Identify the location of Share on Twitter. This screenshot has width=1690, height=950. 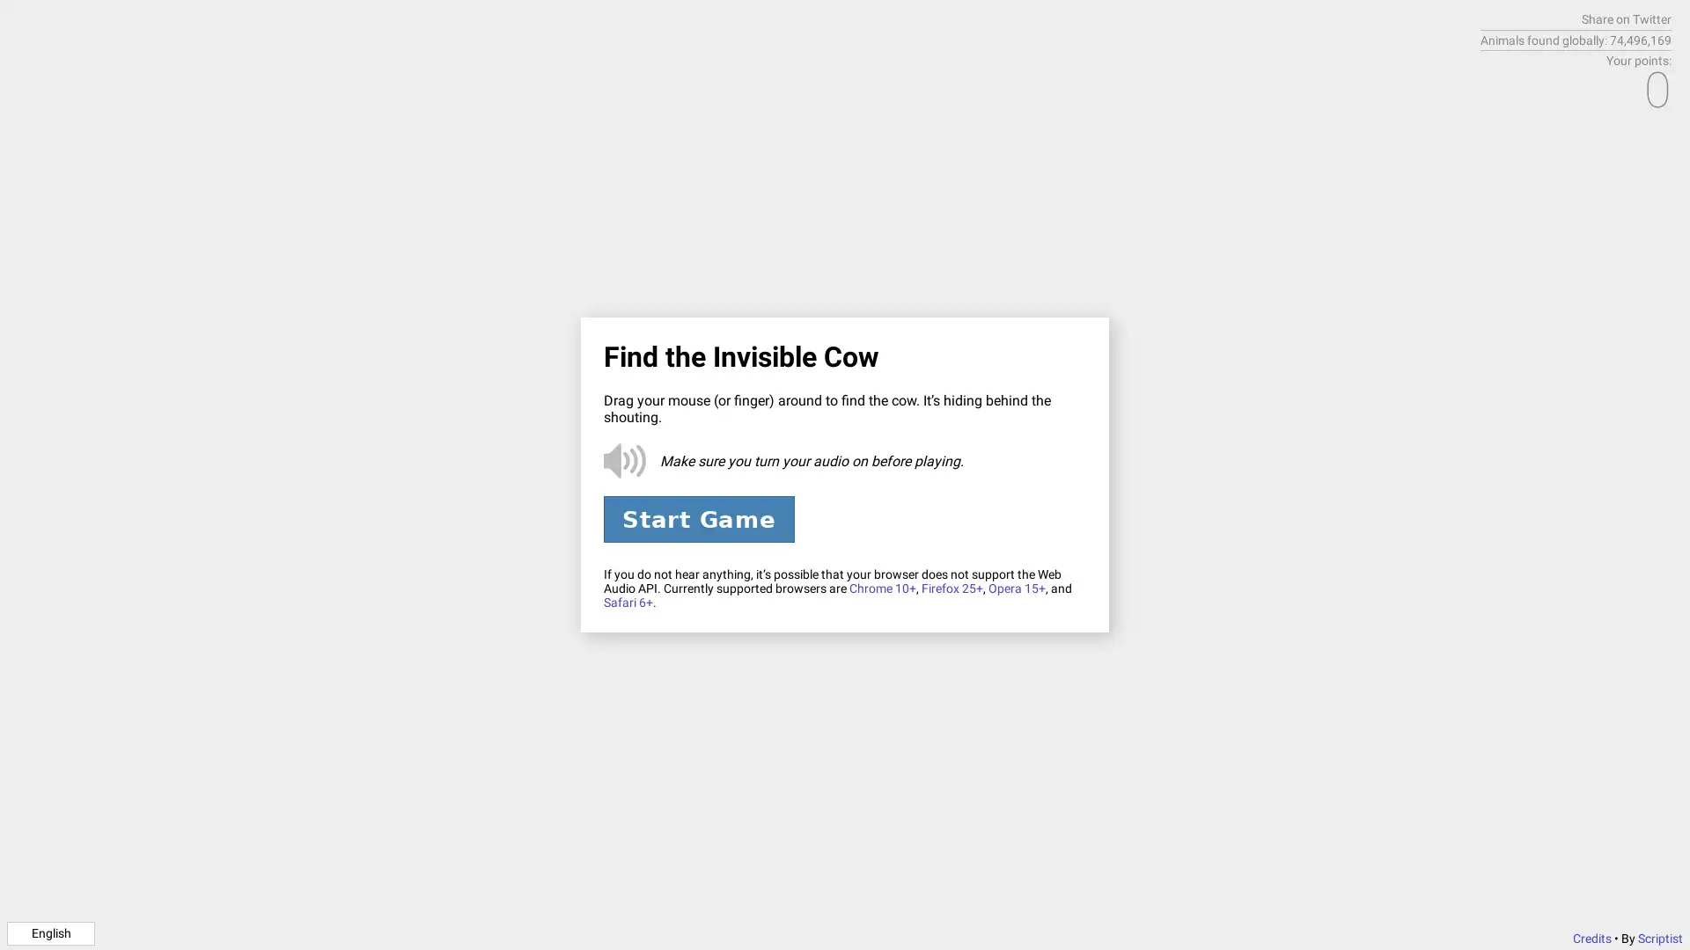
(1626, 19).